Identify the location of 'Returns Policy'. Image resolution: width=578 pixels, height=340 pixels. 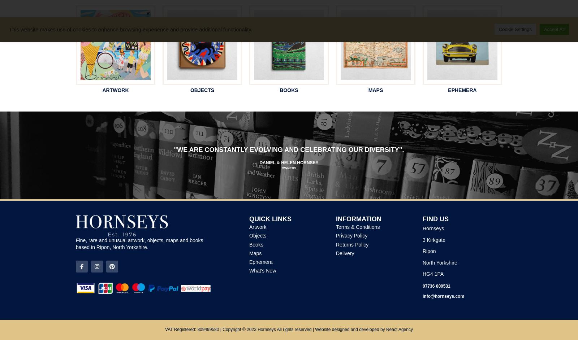
(352, 244).